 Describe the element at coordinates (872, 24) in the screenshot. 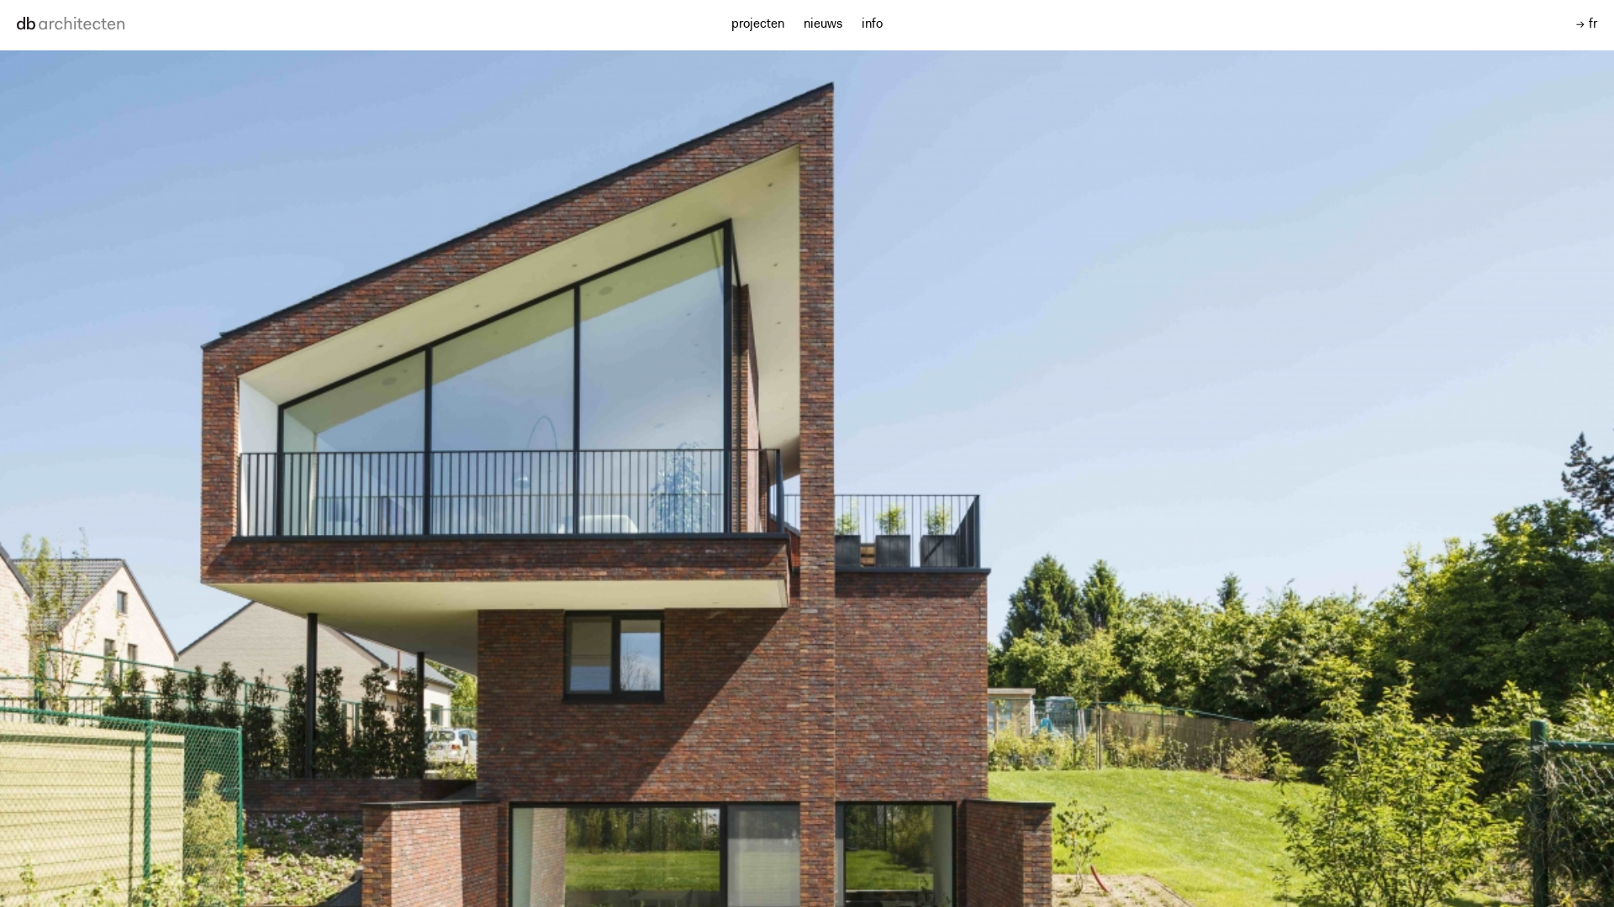

I see `'info'` at that location.